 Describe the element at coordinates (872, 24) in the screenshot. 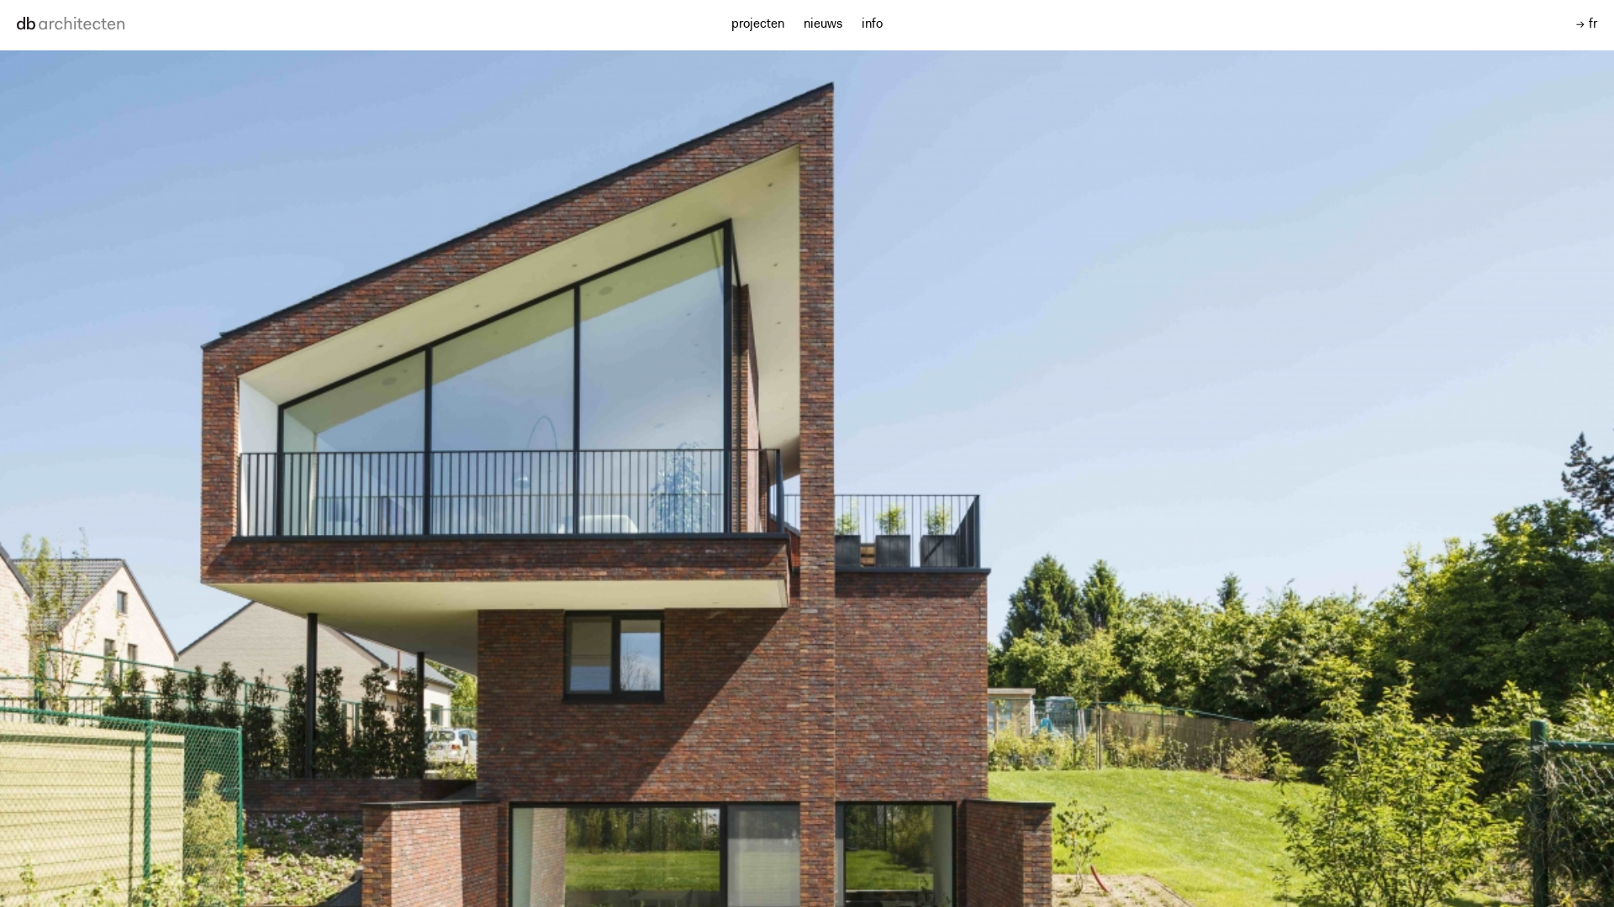

I see `'info'` at that location.